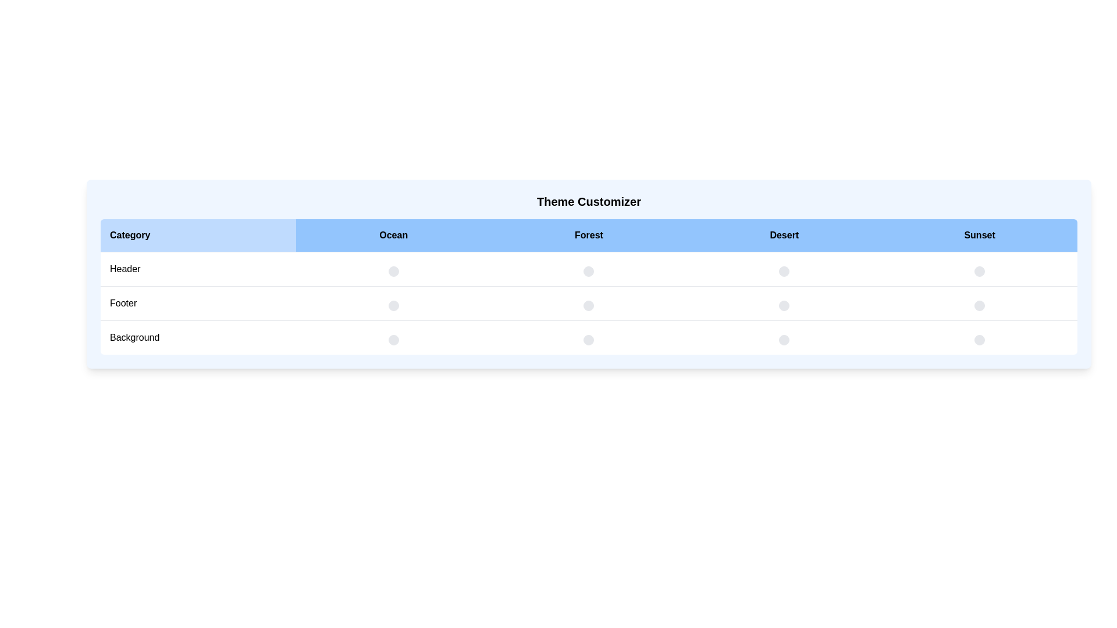 This screenshot has height=628, width=1117. What do you see at coordinates (393, 337) in the screenshot?
I see `the circular button with a light gray background located in the 'Background' row and 'Ocean' column` at bounding box center [393, 337].